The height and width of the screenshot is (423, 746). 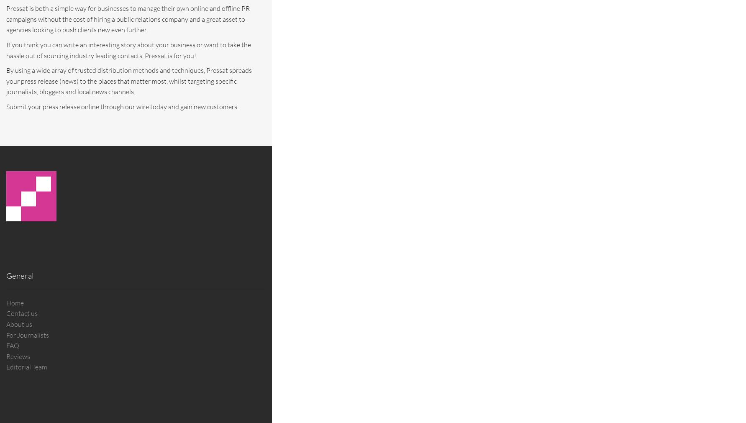 I want to click on 'Pressat is both a simple way for businesses to manage their own online and offline PR campaigns without the cost of hiring a public relations company and a great asset to agencies looking to push clients new even further.', so click(x=127, y=18).